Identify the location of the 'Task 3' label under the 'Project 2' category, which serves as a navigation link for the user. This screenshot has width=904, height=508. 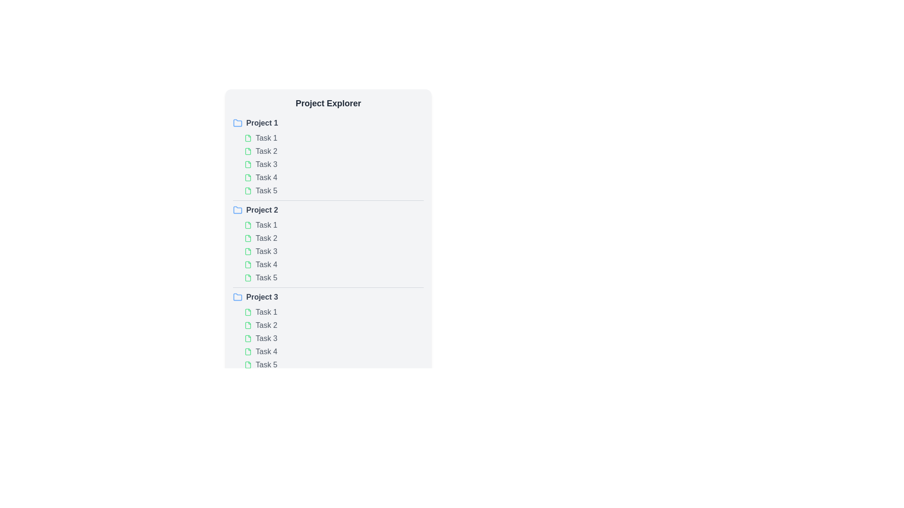
(266, 251).